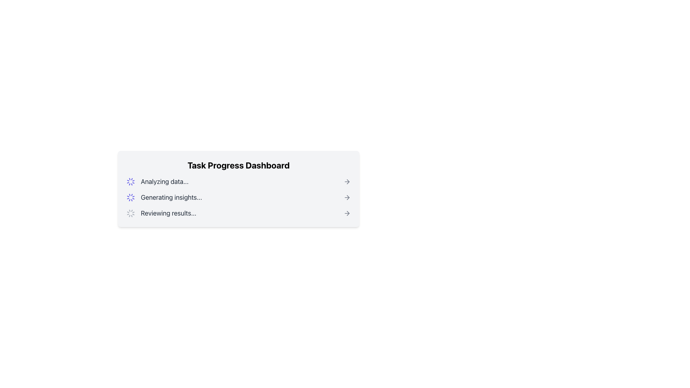 This screenshot has width=690, height=388. I want to click on the static text label indicating 'Reviewing results...' located at the bottom of the task progress dashboard, so click(168, 213).